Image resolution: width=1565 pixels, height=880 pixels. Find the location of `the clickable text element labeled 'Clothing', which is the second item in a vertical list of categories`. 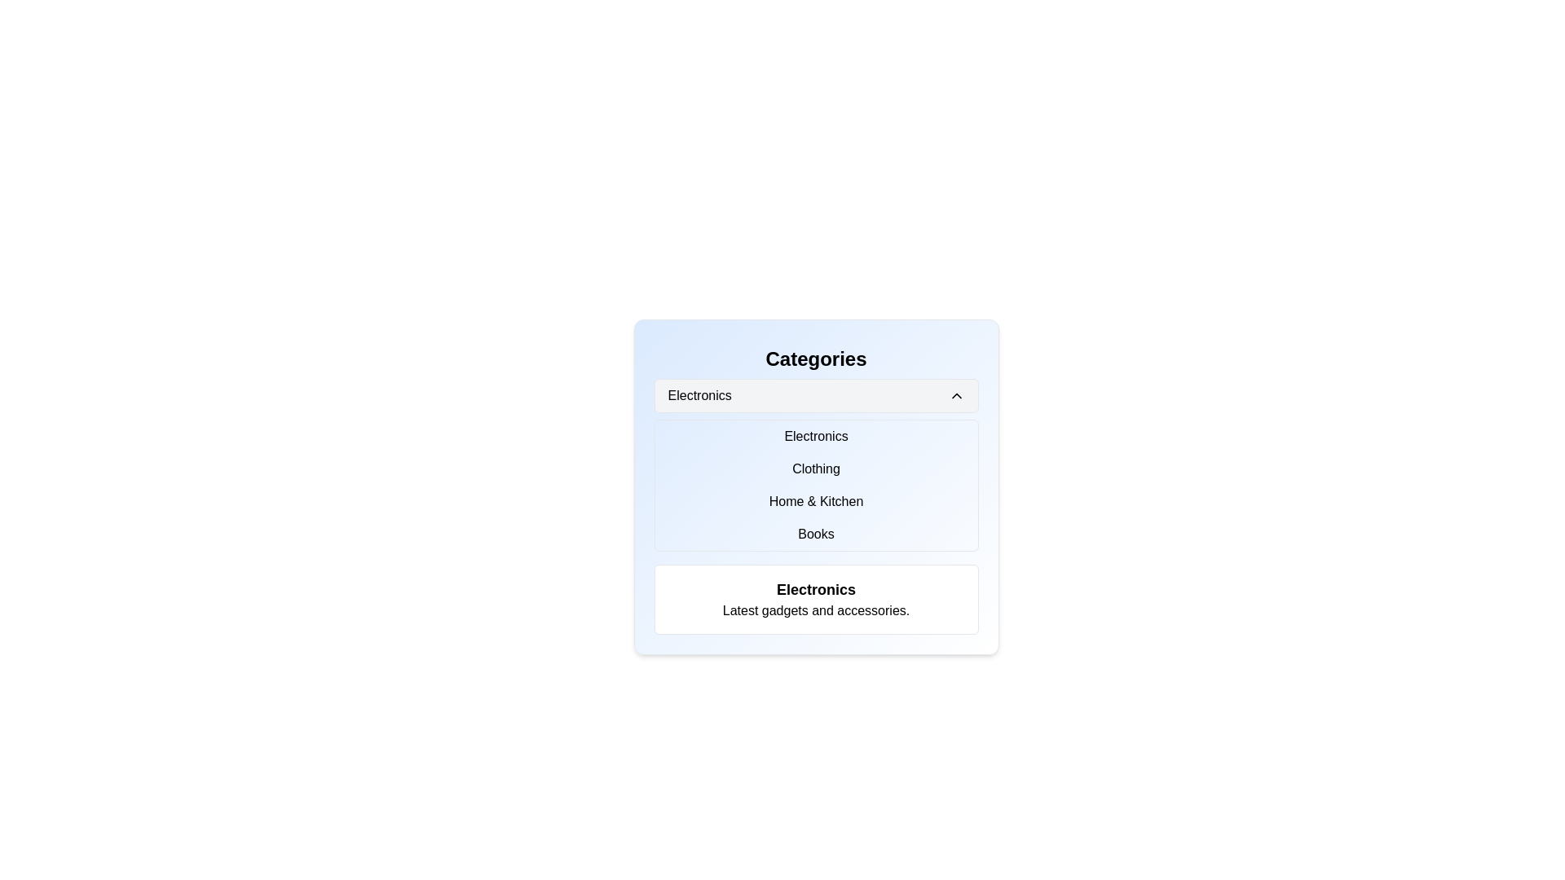

the clickable text element labeled 'Clothing', which is the second item in a vertical list of categories is located at coordinates (816, 469).